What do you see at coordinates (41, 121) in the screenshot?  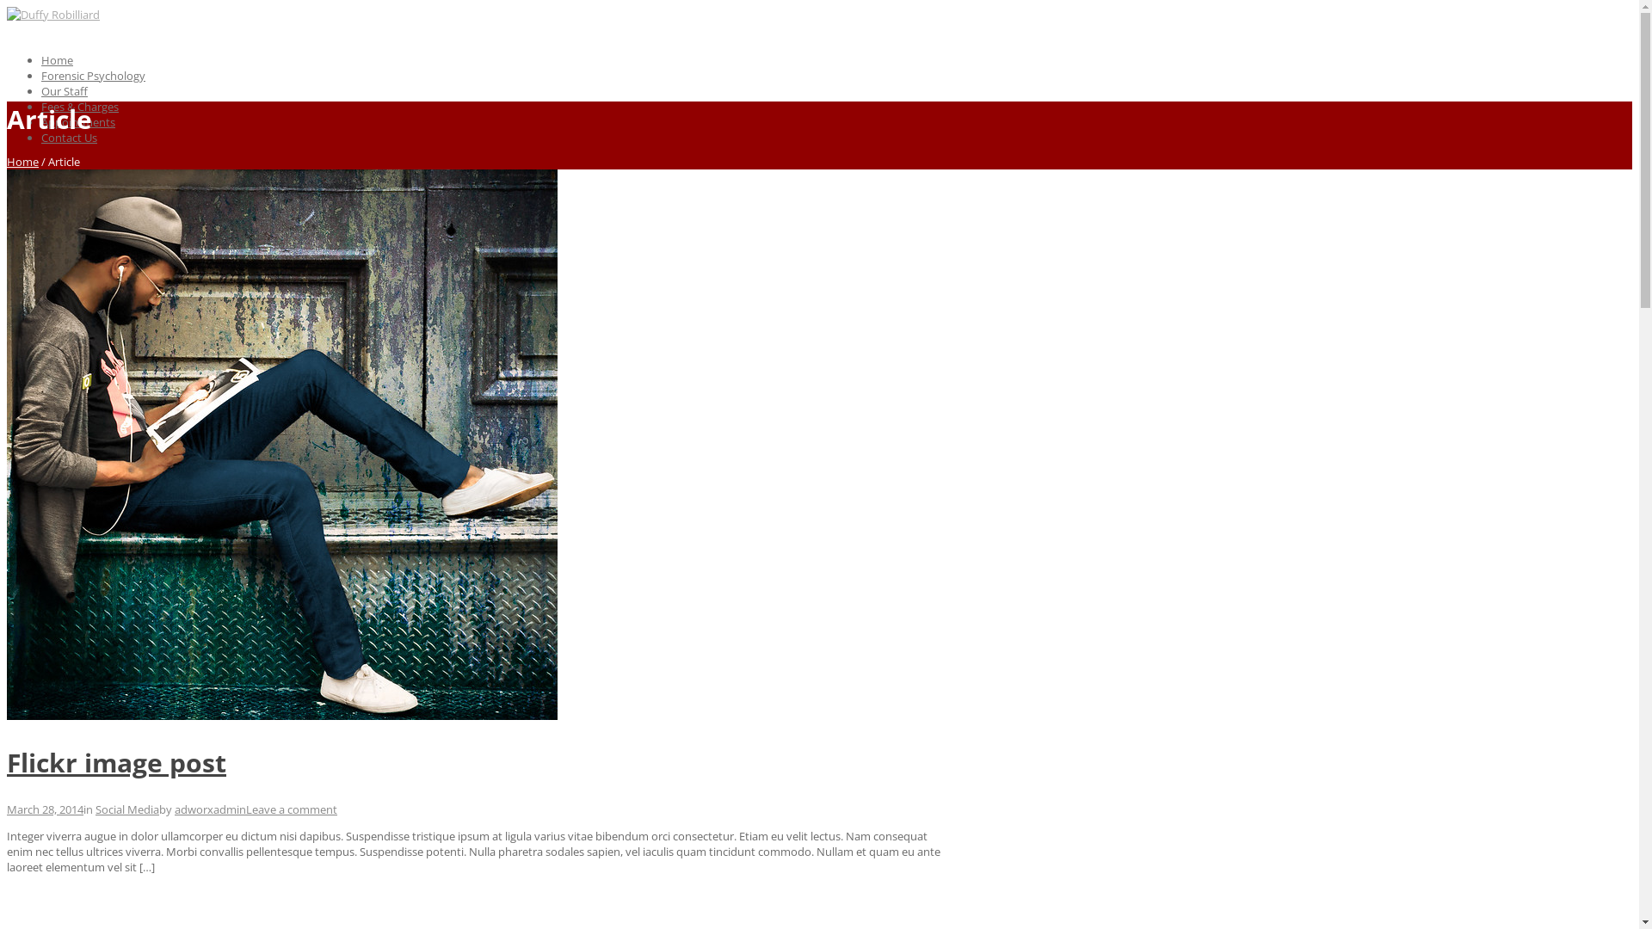 I see `'Appointments'` at bounding box center [41, 121].